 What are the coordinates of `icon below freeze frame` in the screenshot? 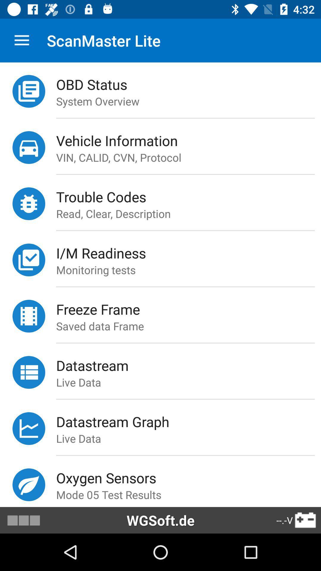 It's located at (188, 326).